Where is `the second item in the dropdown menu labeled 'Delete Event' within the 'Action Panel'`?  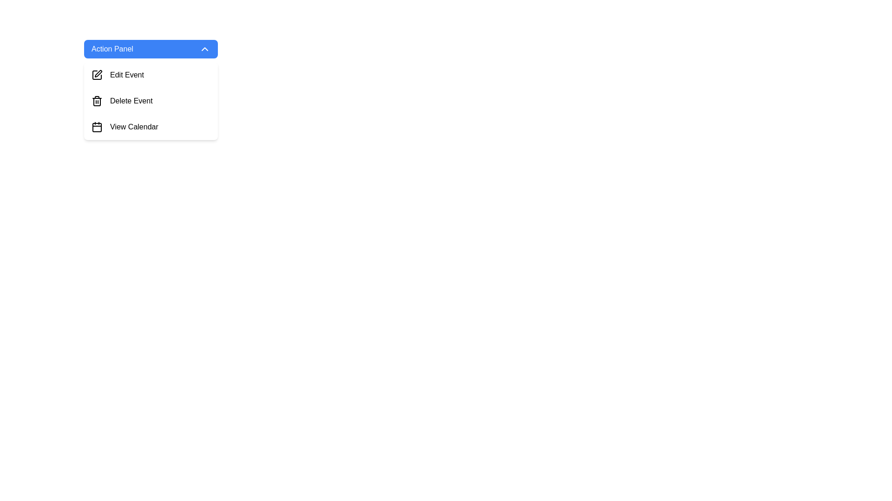 the second item in the dropdown menu labeled 'Delete Event' within the 'Action Panel' is located at coordinates (151, 90).